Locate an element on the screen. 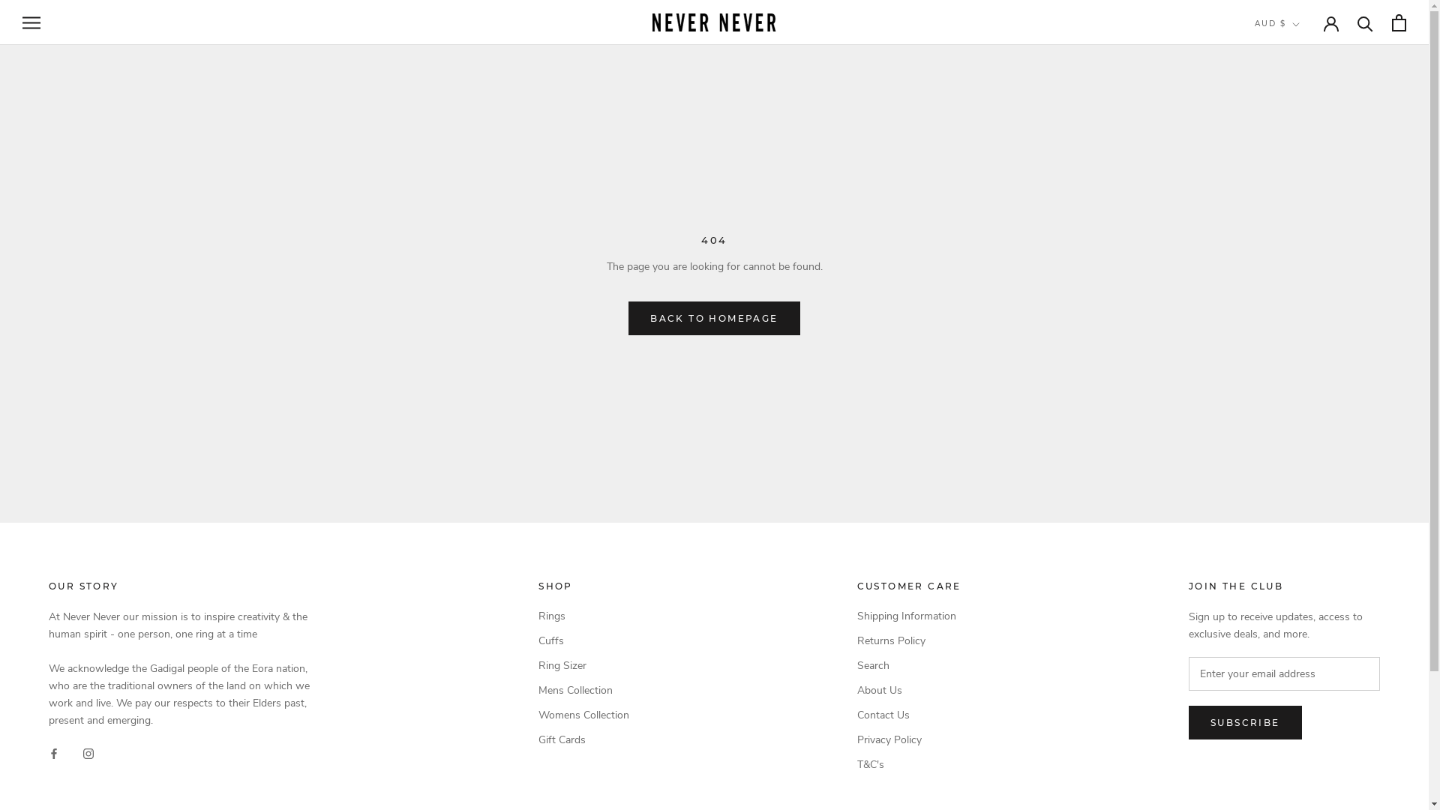 This screenshot has height=810, width=1440. 'AUD $' is located at coordinates (1255, 24).